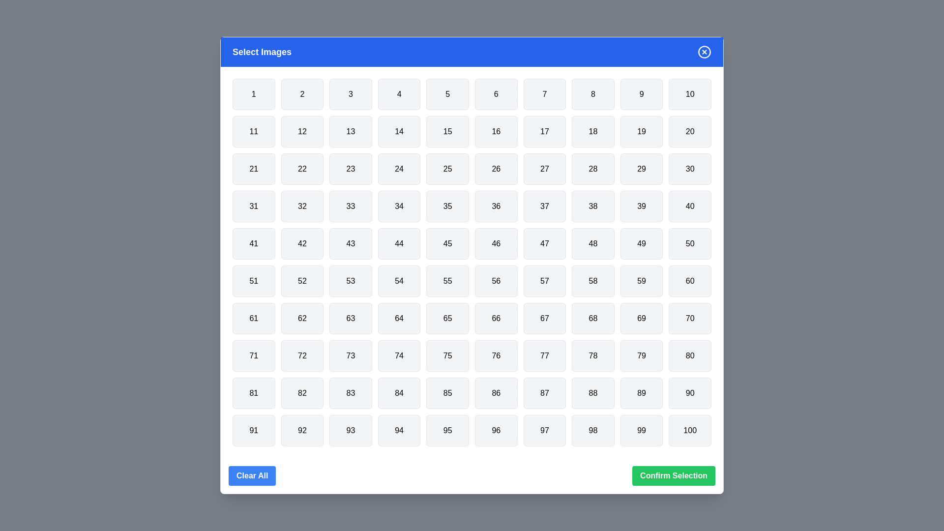  What do you see at coordinates (252, 475) in the screenshot?
I see `the 'Clear All' button to deselect all items` at bounding box center [252, 475].